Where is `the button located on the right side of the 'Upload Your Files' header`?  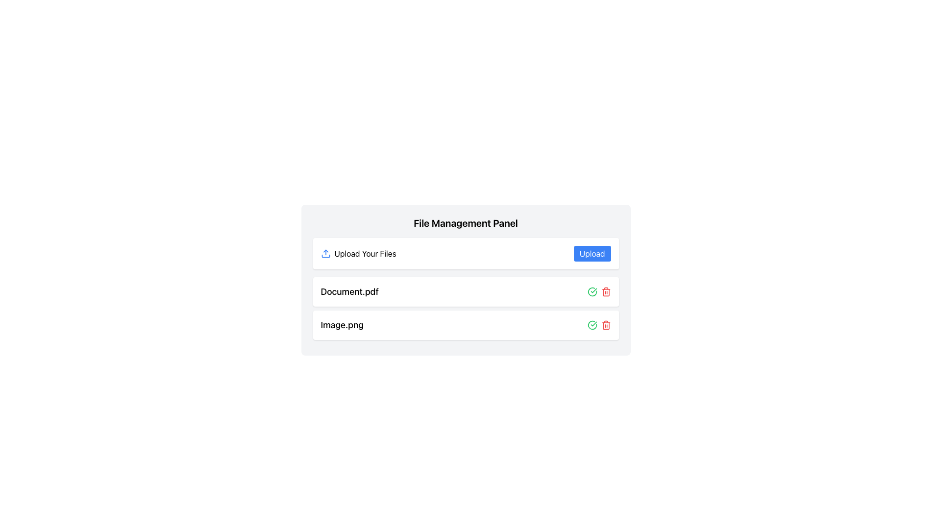
the button located on the right side of the 'Upload Your Files' header is located at coordinates (592, 253).